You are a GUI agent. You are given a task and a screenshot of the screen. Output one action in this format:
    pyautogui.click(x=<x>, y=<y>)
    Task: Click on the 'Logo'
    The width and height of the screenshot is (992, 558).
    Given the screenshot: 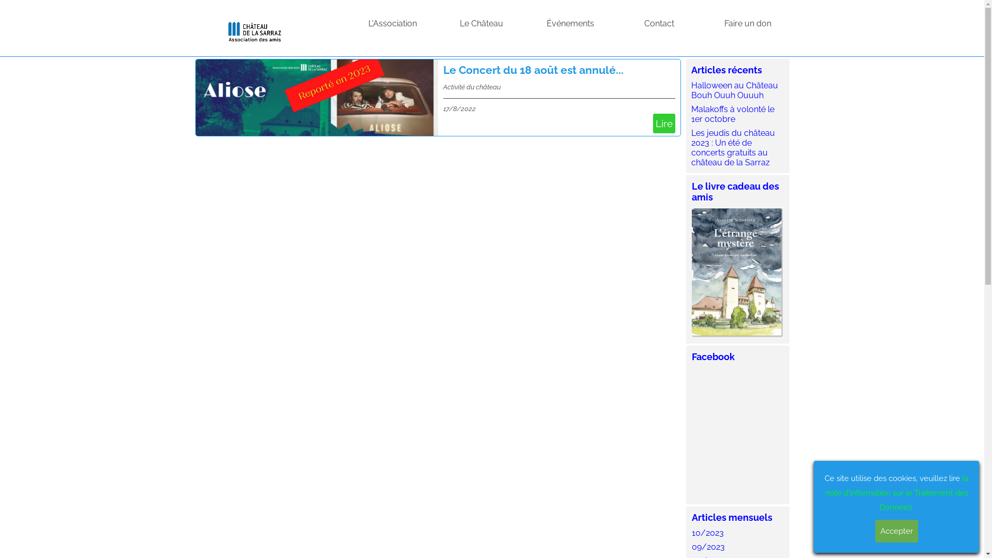 What is the action you would take?
    pyautogui.click(x=255, y=29)
    